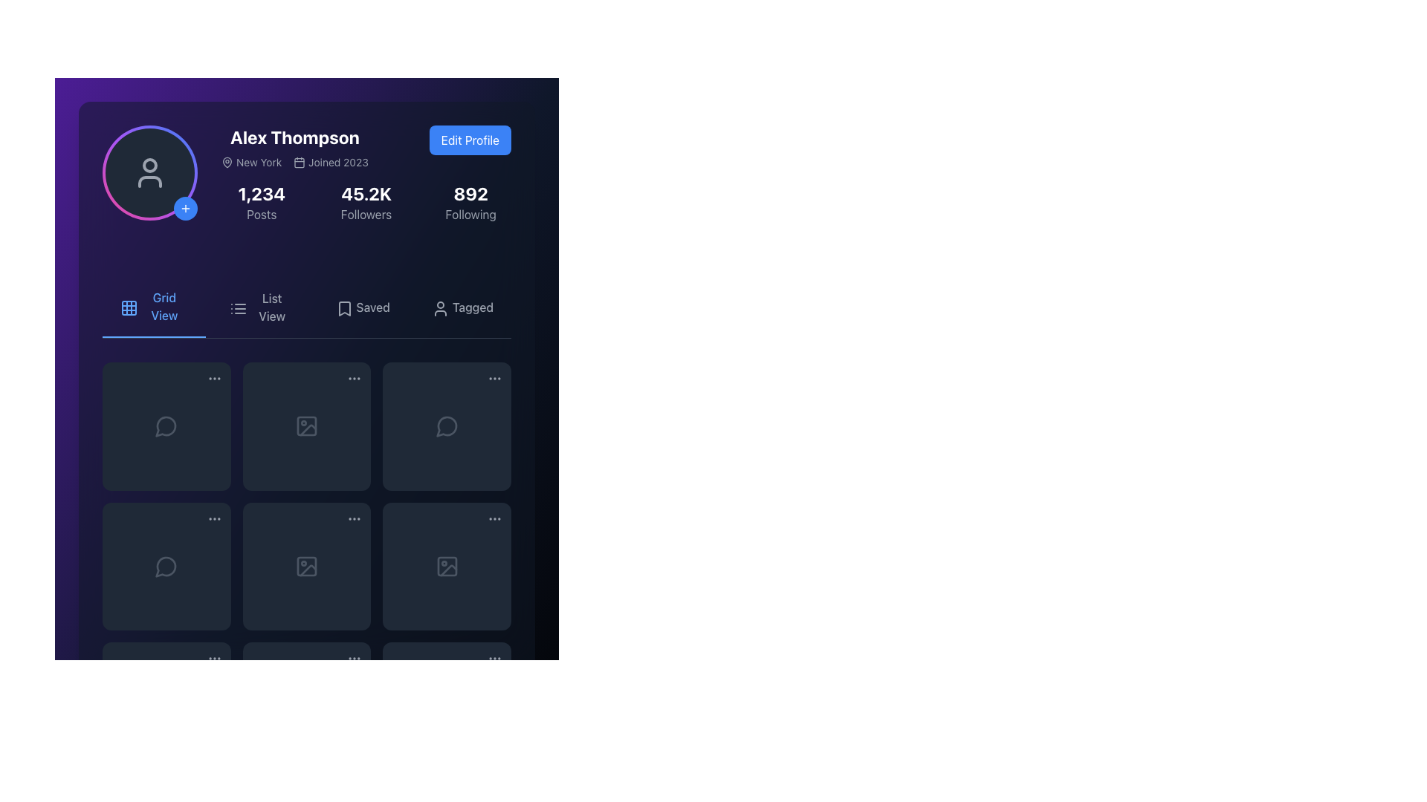 This screenshot has width=1427, height=802. What do you see at coordinates (184, 209) in the screenshot?
I see `the clickable button` at bounding box center [184, 209].